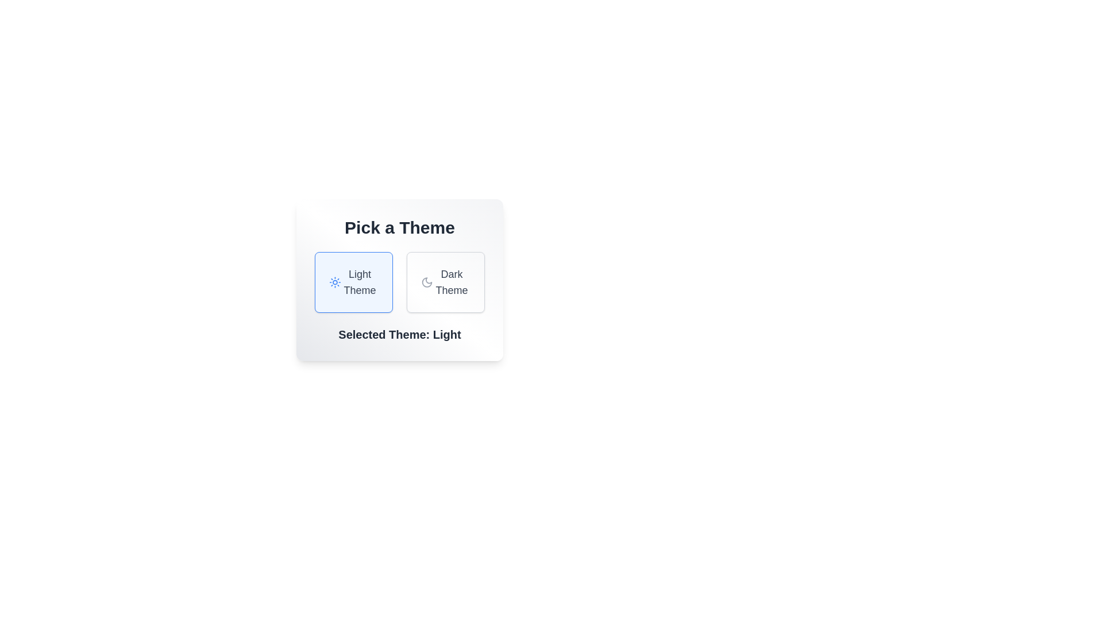 This screenshot has height=620, width=1103. Describe the element at coordinates (426, 282) in the screenshot. I see `the crescent moon-shaped outline icon within the 'Dark Theme' button, which is located in the right column of the card interface` at that location.